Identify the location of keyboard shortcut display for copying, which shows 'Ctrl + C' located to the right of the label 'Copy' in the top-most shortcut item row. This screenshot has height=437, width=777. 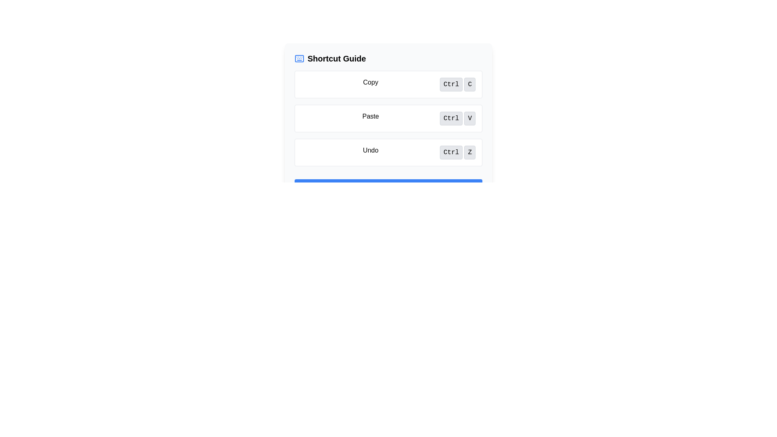
(458, 84).